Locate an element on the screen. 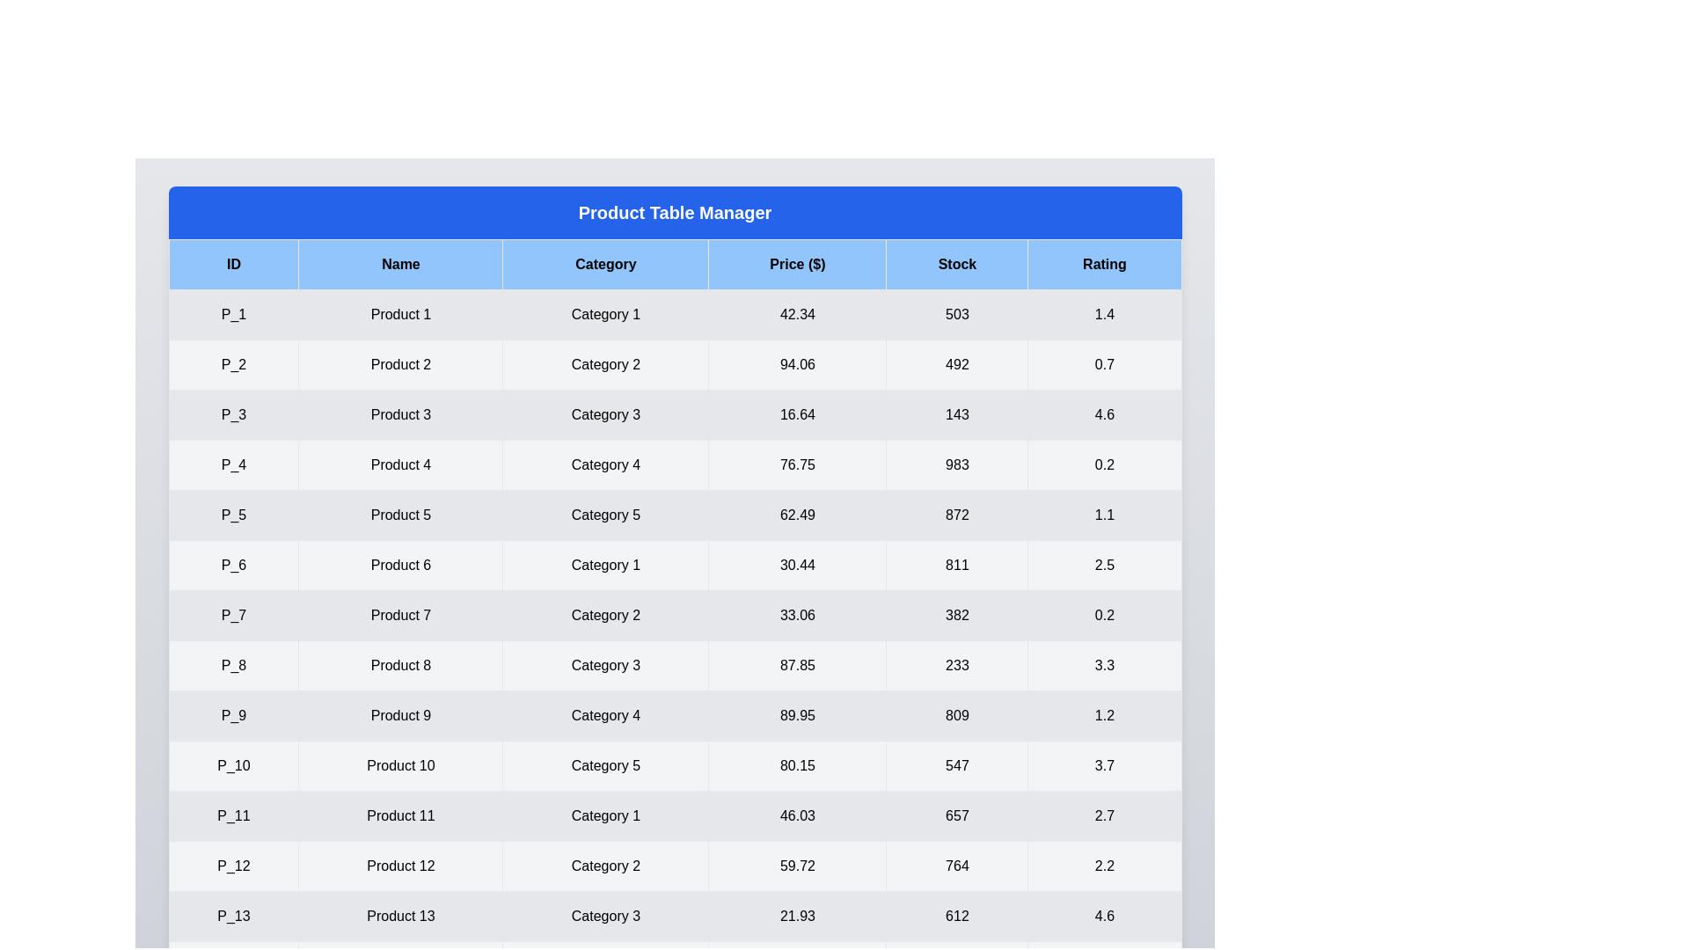 The width and height of the screenshot is (1689, 950). the header of the column Name is located at coordinates (400, 264).